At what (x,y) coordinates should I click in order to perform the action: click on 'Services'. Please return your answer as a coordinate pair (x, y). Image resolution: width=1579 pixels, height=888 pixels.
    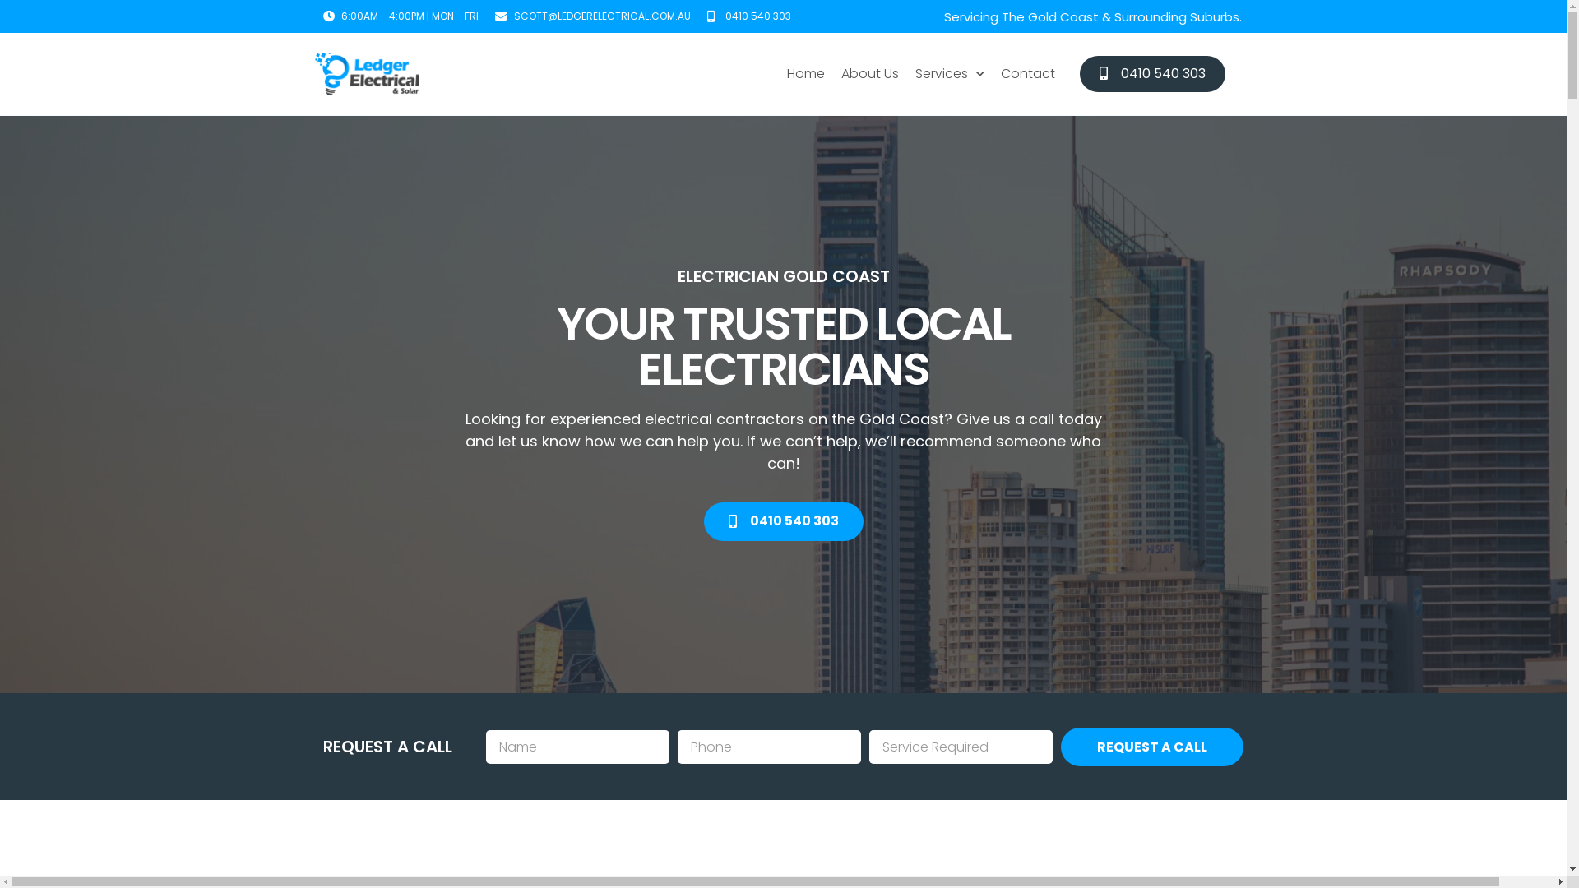
    Looking at the image, I should click on (950, 72).